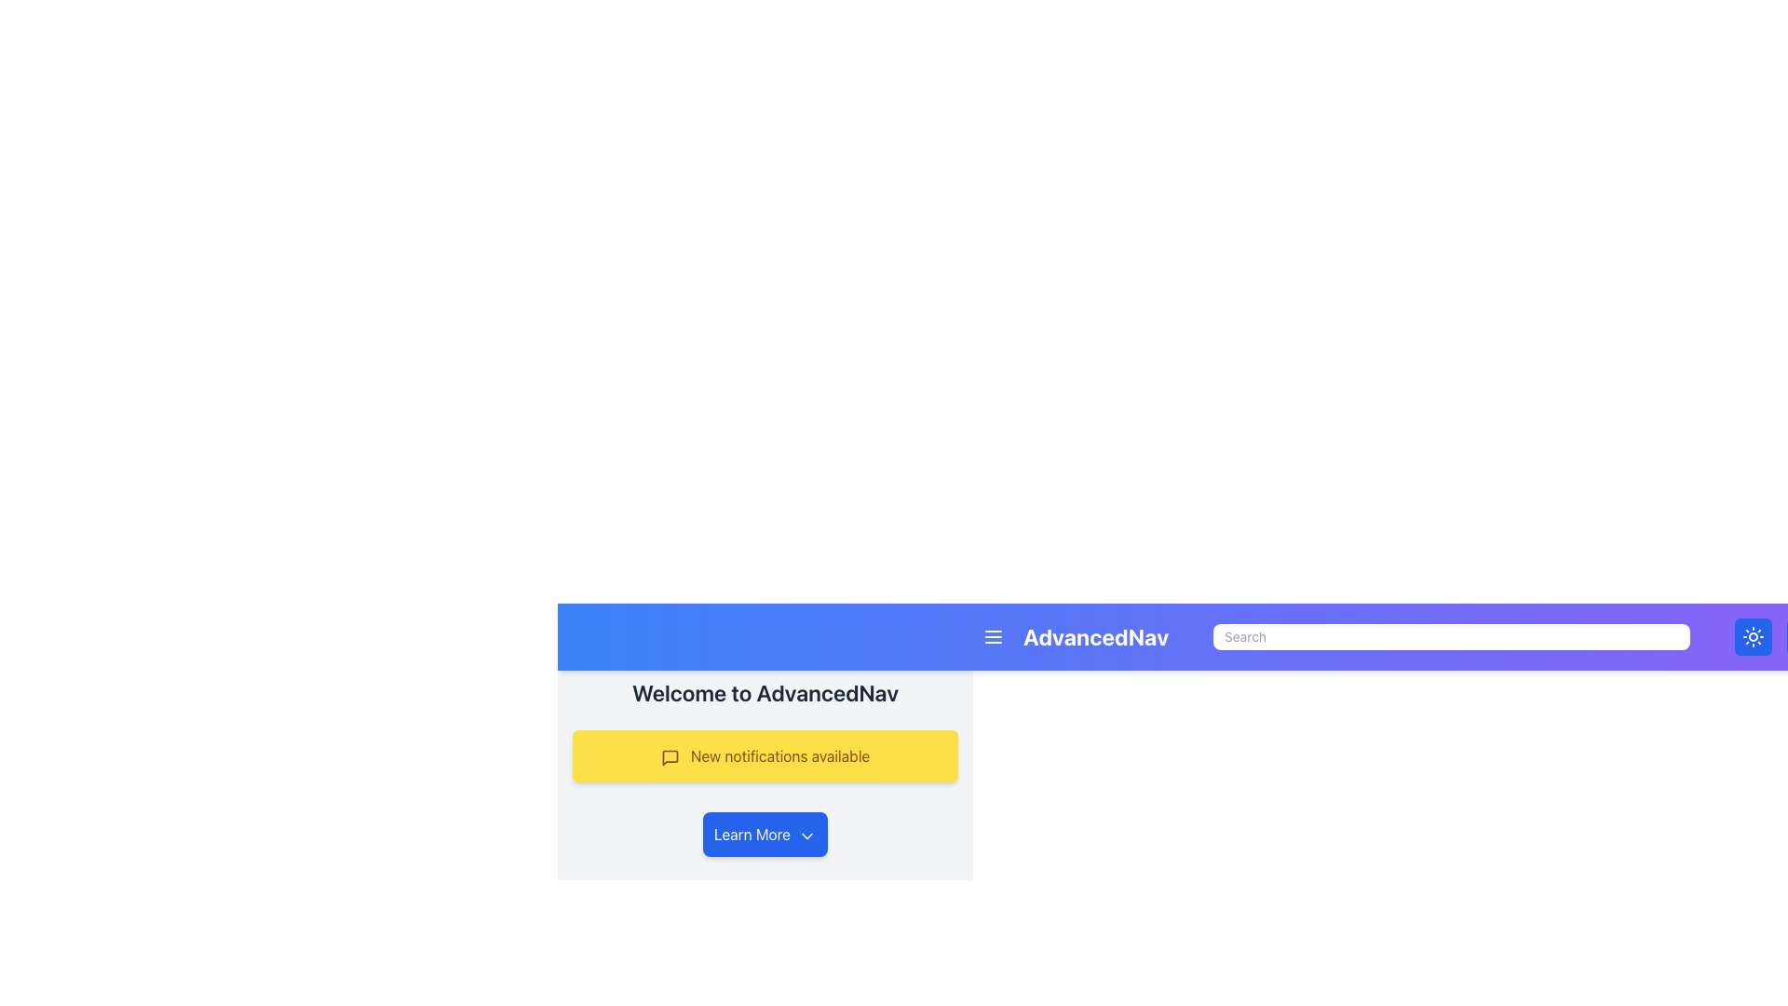 This screenshot has height=1006, width=1788. I want to click on the Notification Banner that displays alert messages for new notifications, positioned centrally below the heading and above the buttons, so click(765, 728).